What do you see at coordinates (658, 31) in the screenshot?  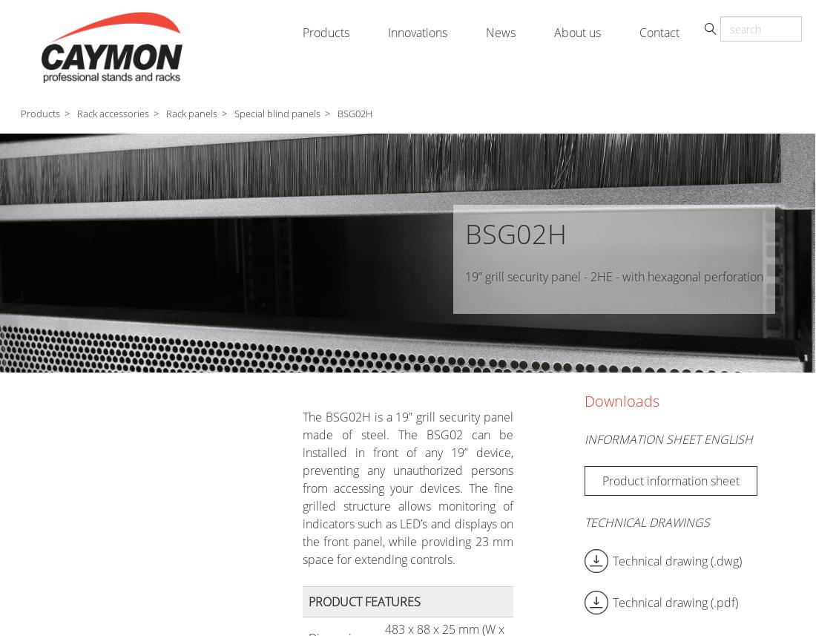 I see `'Contact'` at bounding box center [658, 31].